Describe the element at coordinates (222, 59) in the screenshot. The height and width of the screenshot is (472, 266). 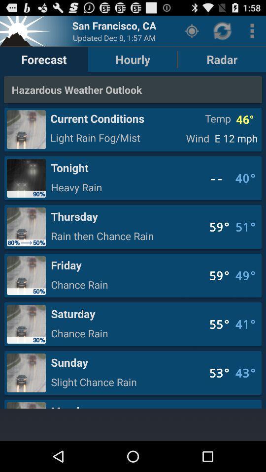
I see `the radar button` at that location.